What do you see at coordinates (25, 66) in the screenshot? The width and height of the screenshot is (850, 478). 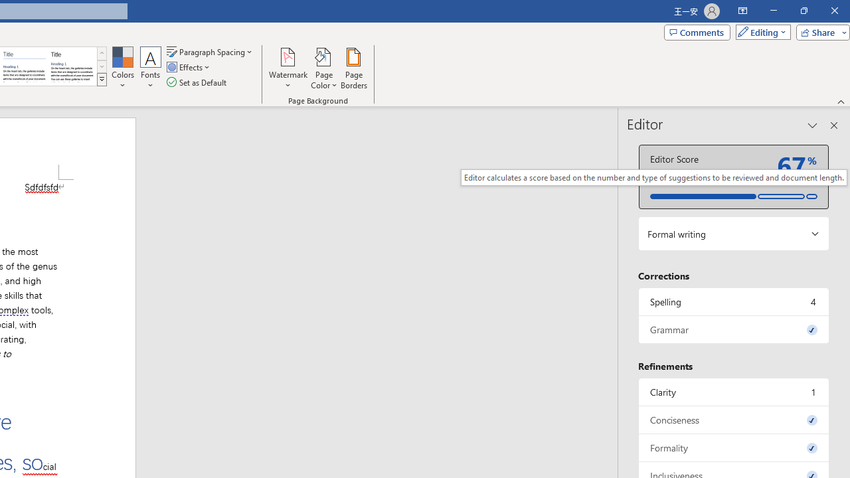 I see `'Word 2010'` at bounding box center [25, 66].